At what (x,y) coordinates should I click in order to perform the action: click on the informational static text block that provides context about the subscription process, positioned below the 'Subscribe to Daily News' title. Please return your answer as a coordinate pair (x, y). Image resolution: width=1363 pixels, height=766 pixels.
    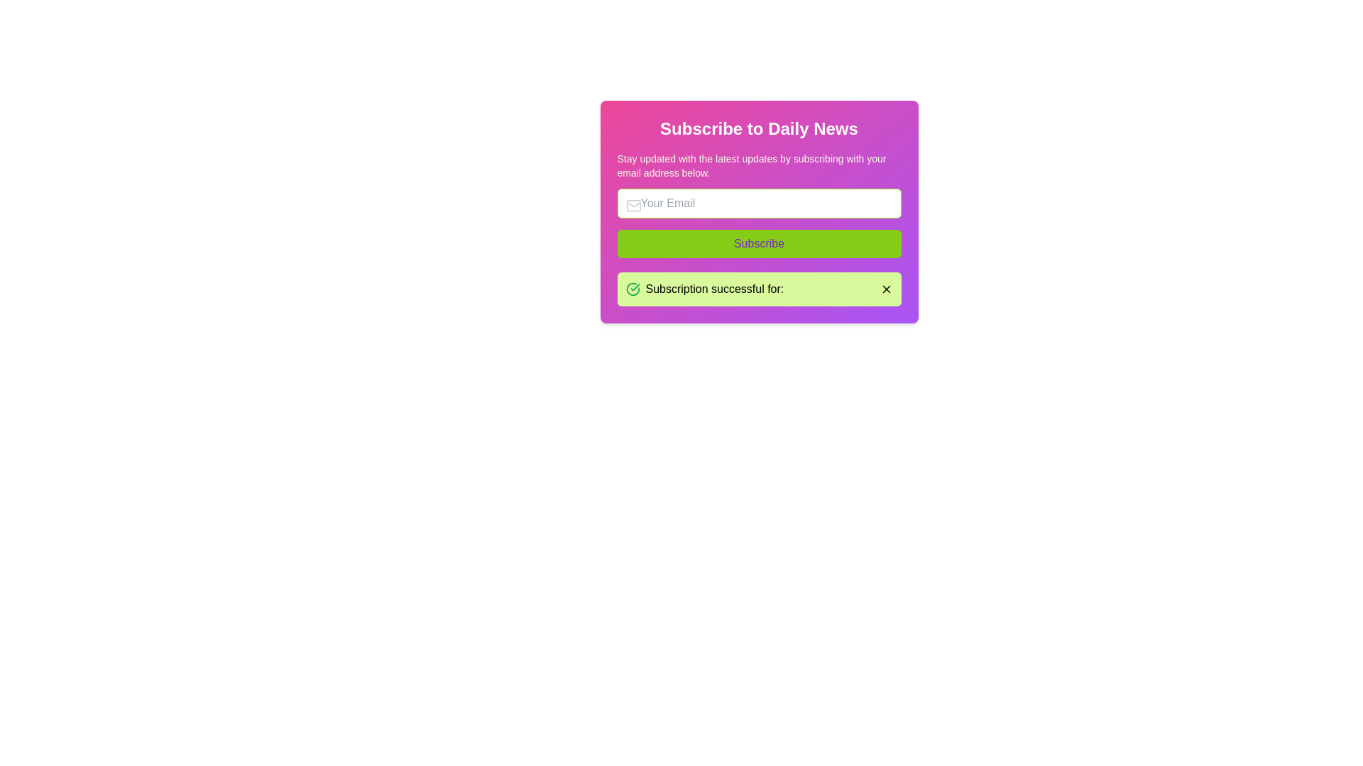
    Looking at the image, I should click on (758, 165).